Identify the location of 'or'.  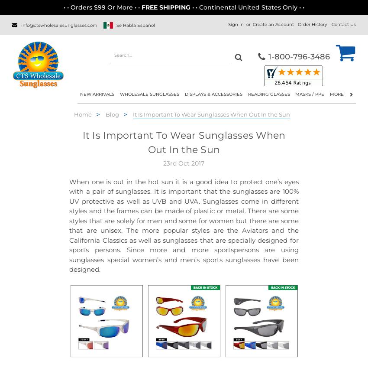
(248, 24).